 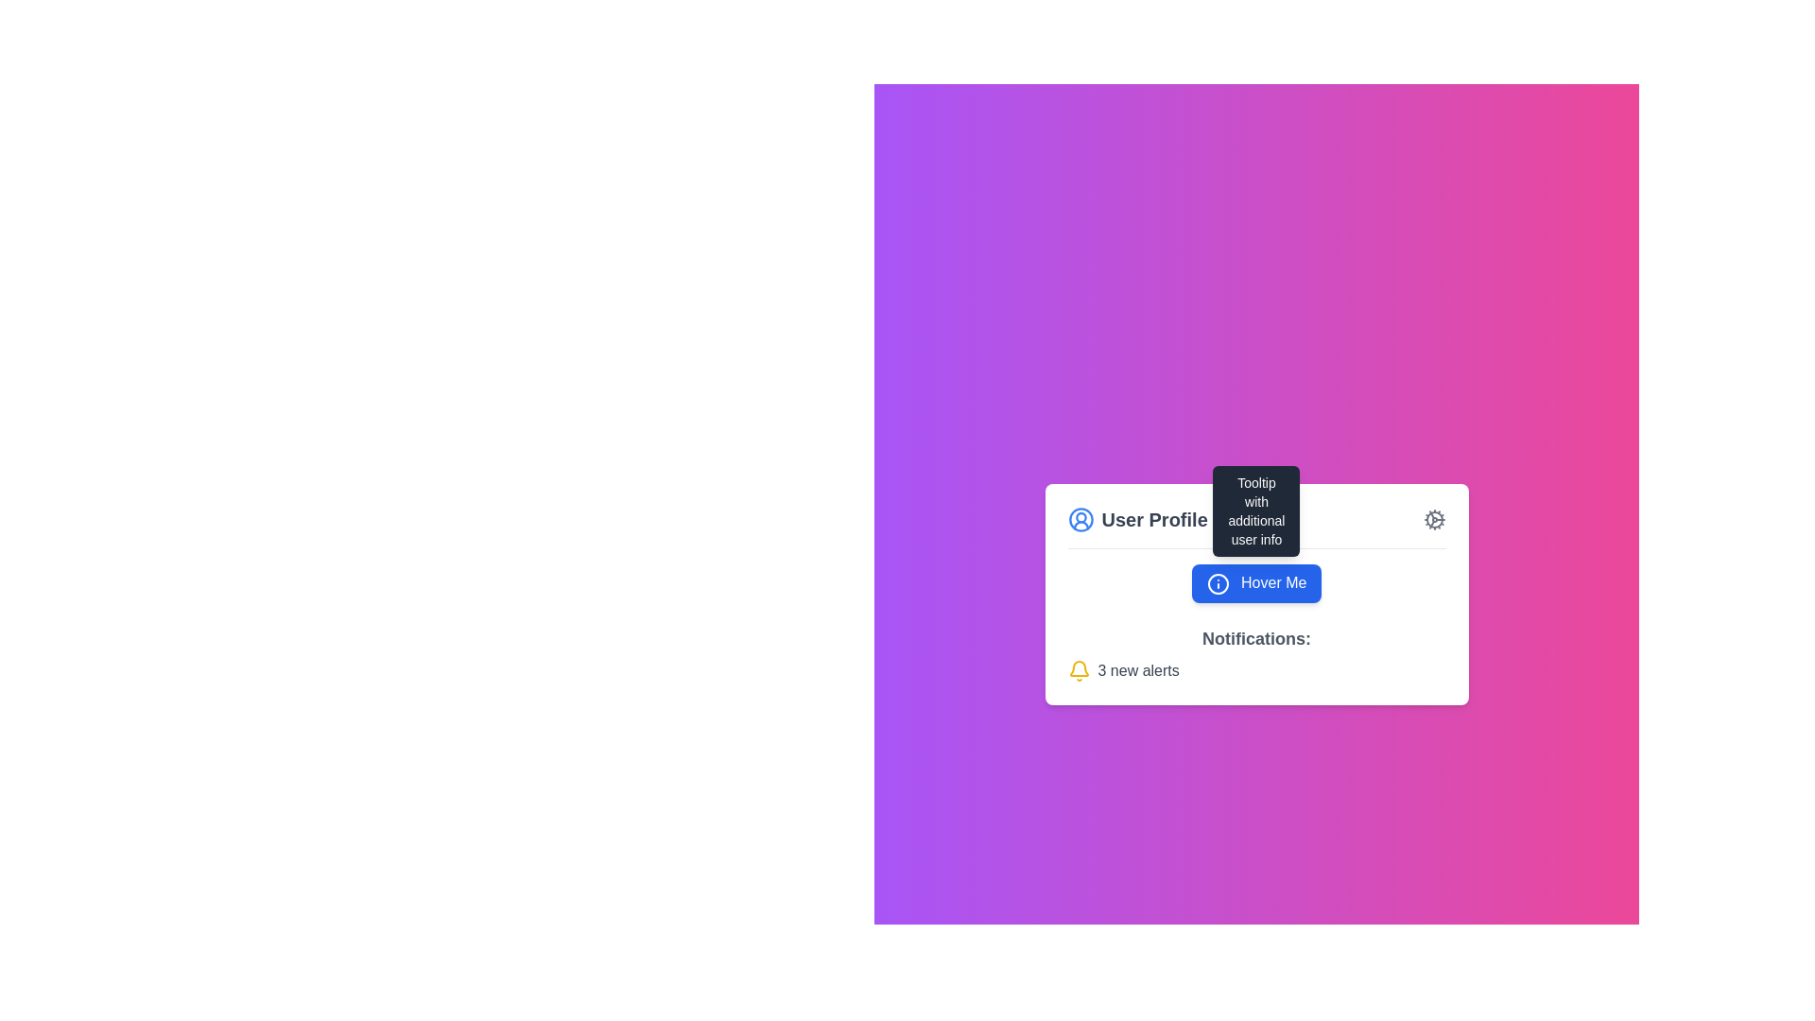 What do you see at coordinates (1080, 520) in the screenshot?
I see `the Decorative outline (SVG Circle) that serves as the outermost circular outline within the user profile icon at the top-left of the user profile card` at bounding box center [1080, 520].